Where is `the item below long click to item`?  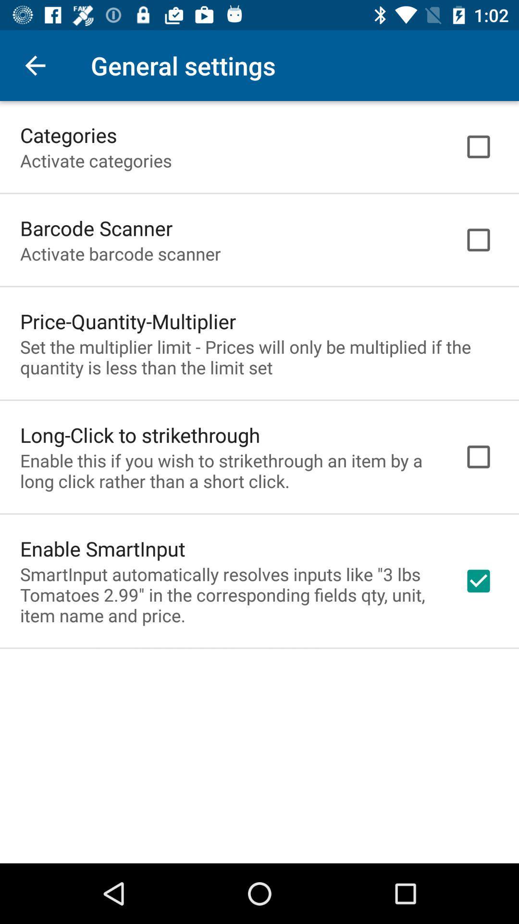
the item below long click to item is located at coordinates (229, 471).